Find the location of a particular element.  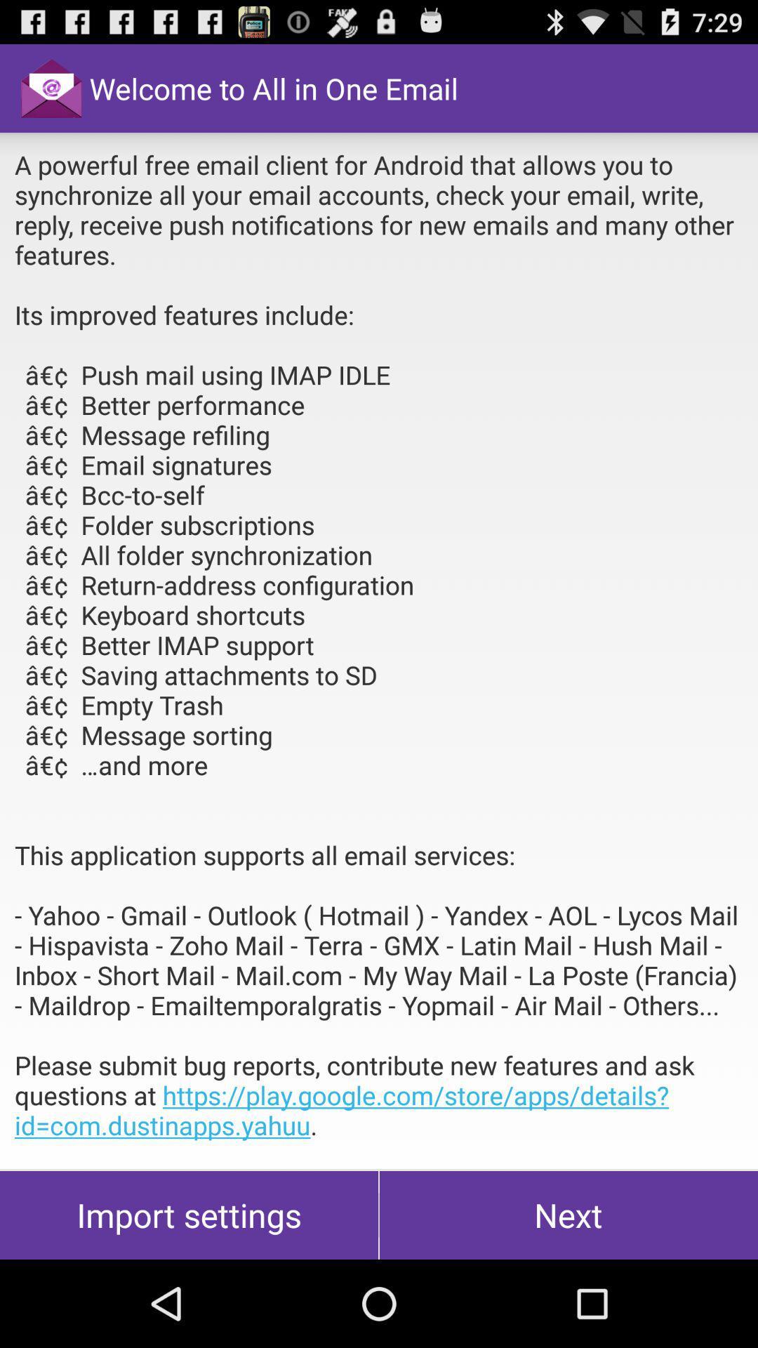

a powerful free is located at coordinates (379, 649).